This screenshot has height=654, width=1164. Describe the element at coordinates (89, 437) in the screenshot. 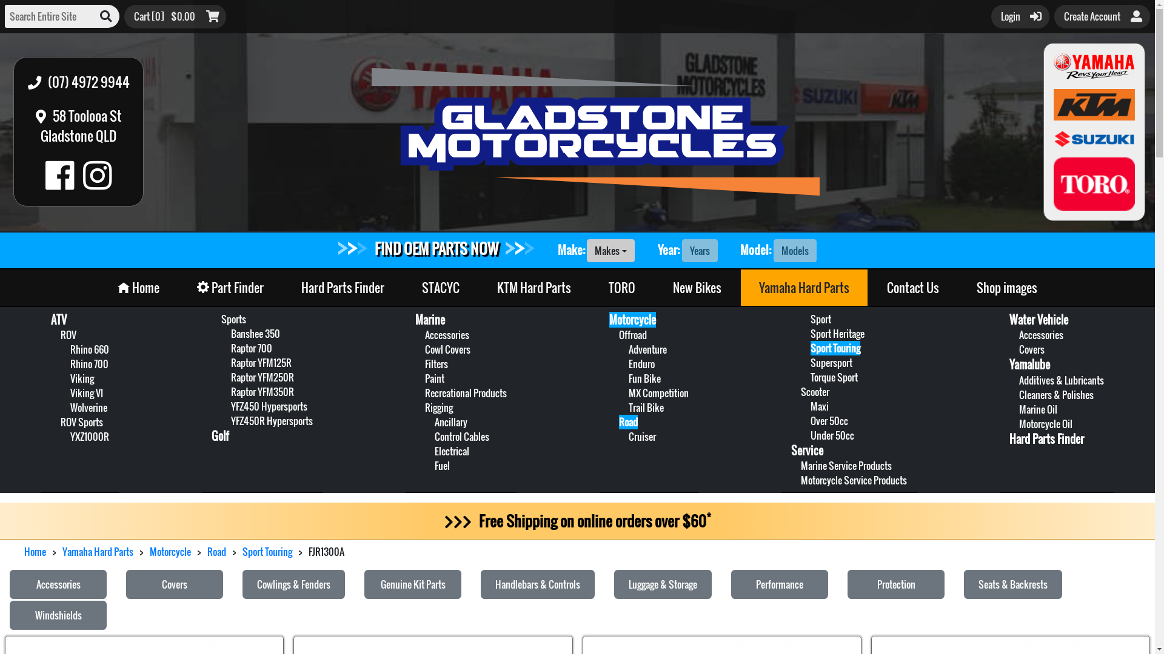

I see `'YXZ1000R'` at that location.